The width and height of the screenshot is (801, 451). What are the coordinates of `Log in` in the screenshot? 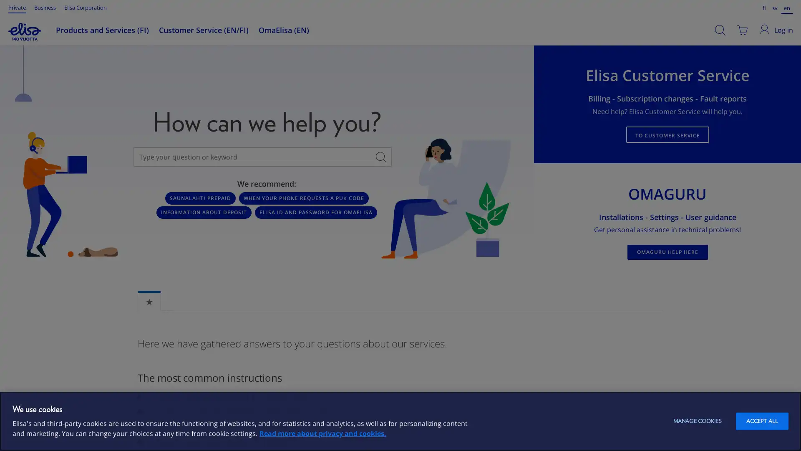 It's located at (776, 30).